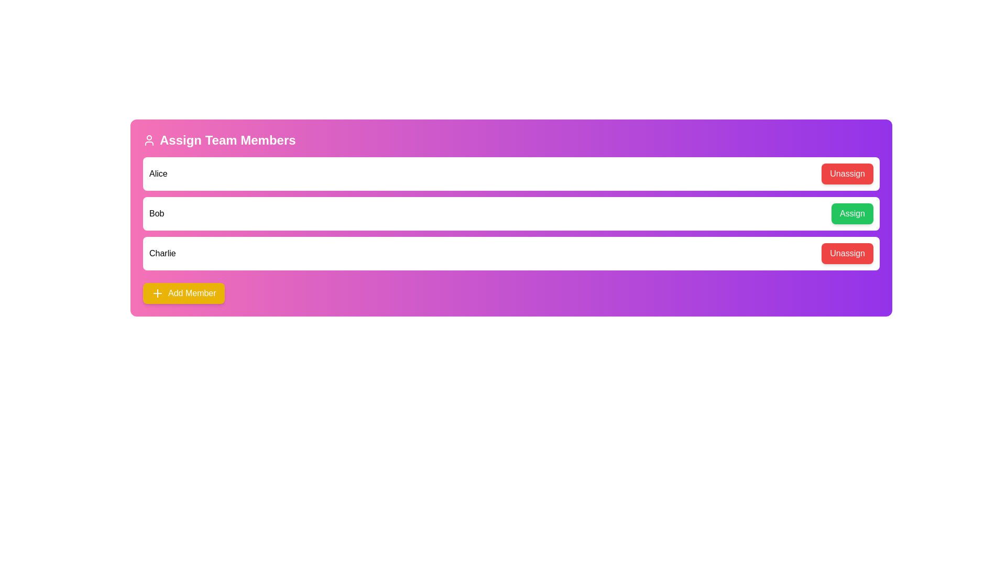 The height and width of the screenshot is (566, 1006). What do you see at coordinates (852, 213) in the screenshot?
I see `the green 'Assign' button with rounded corners located to the right of the text 'Bob' in the second row of the team member list to assign the task` at bounding box center [852, 213].